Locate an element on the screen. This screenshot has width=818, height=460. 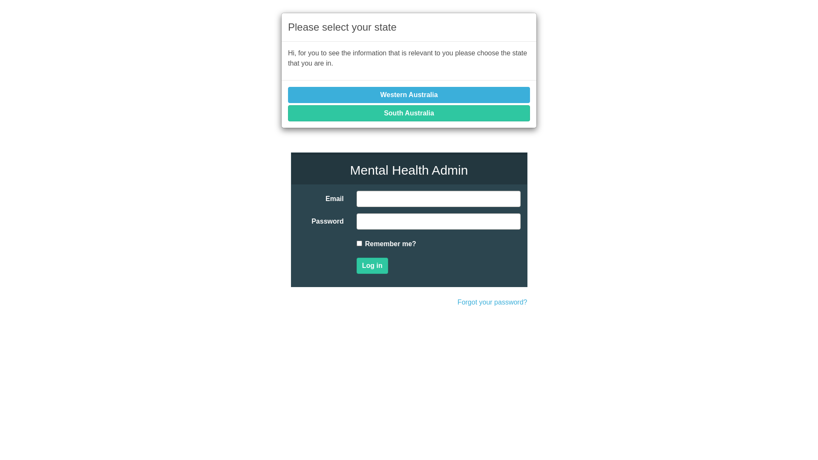
'Western Australia' is located at coordinates (409, 95).